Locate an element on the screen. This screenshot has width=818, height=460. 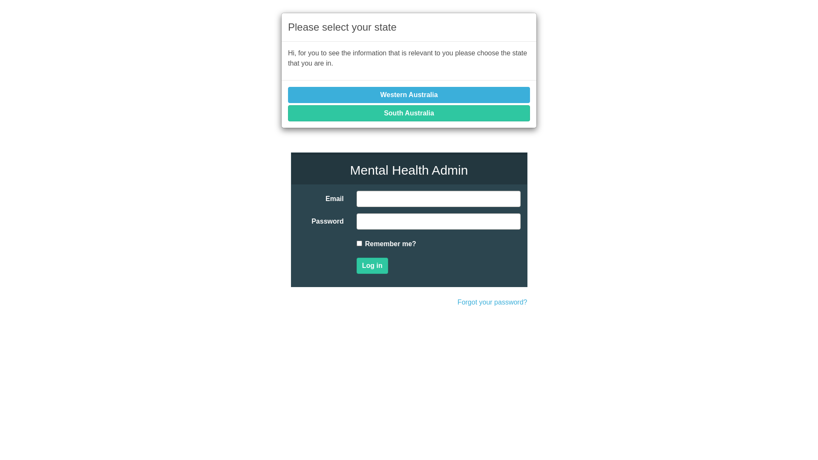
'Western Australia' is located at coordinates (409, 95).